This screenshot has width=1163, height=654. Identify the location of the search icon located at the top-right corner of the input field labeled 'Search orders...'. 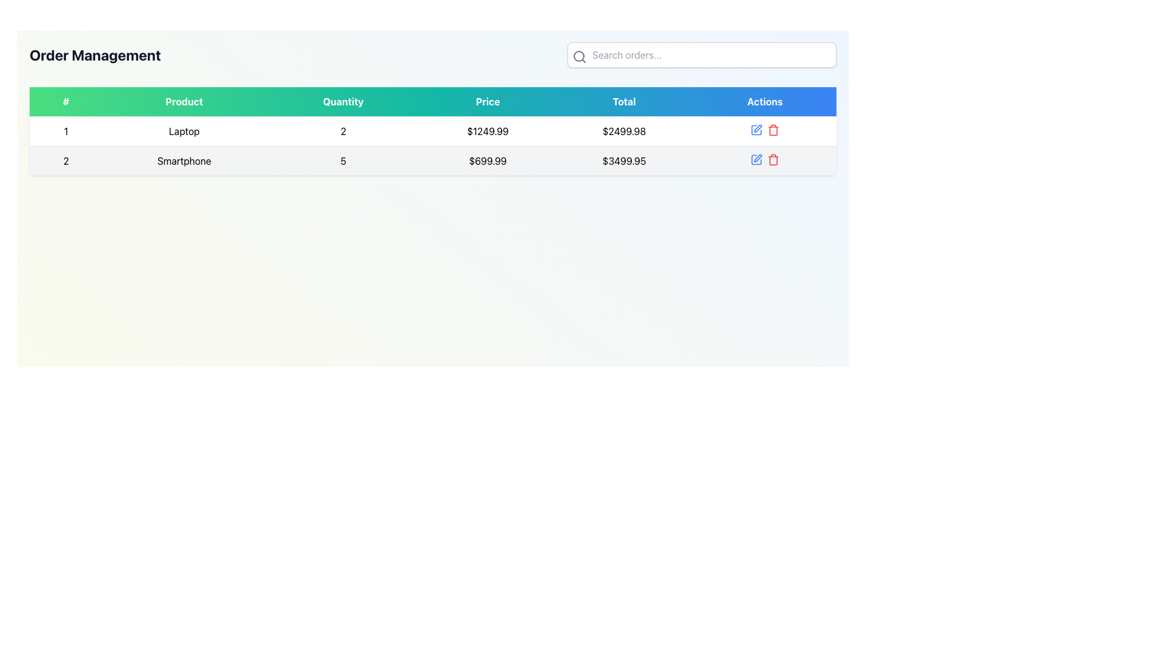
(578, 56).